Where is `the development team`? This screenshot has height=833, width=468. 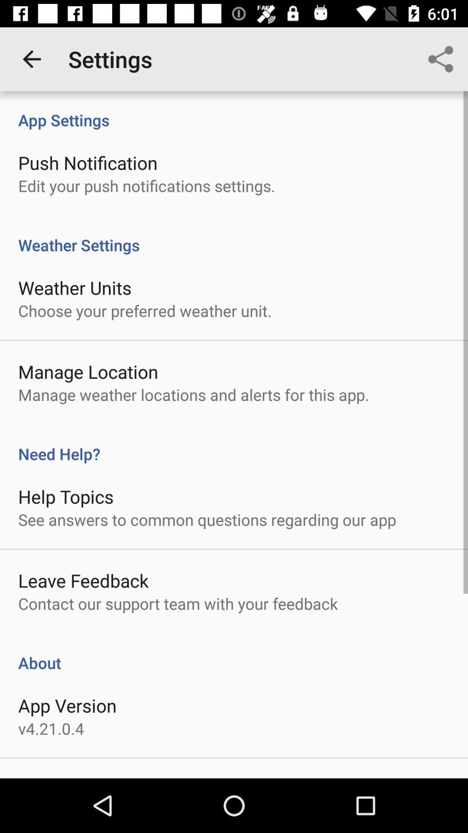
the development team is located at coordinates (96, 777).